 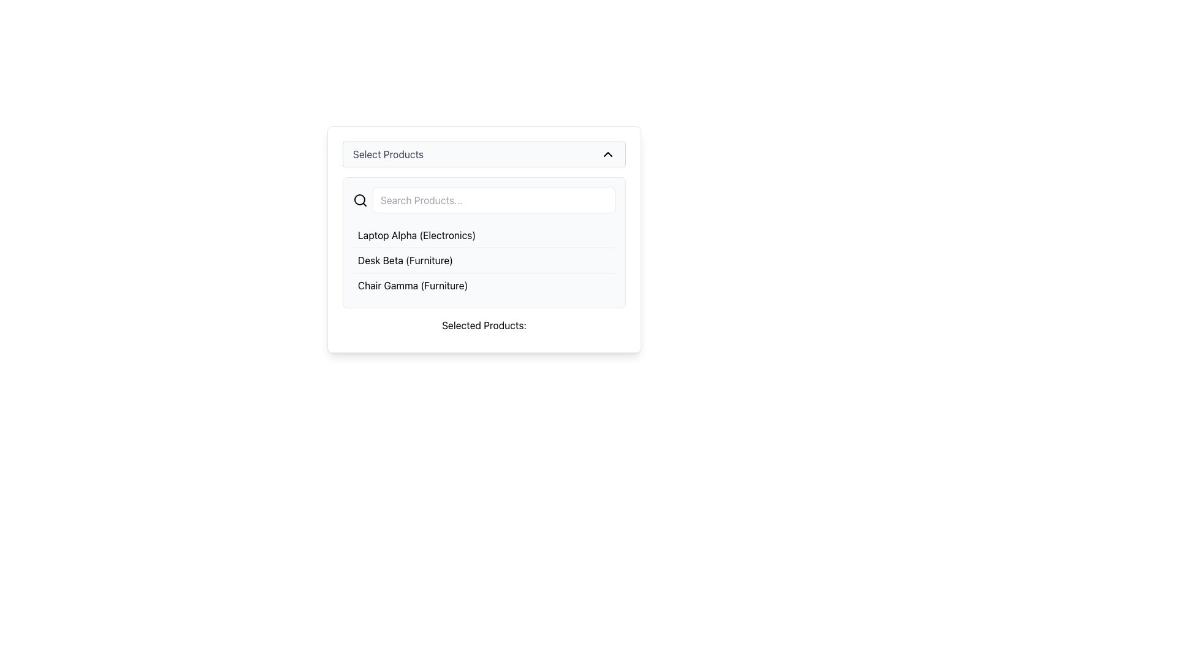 What do you see at coordinates (387, 153) in the screenshot?
I see `the Text Label that indicates the title of the dropdown menu, located to the left of the downward chevron icon` at bounding box center [387, 153].